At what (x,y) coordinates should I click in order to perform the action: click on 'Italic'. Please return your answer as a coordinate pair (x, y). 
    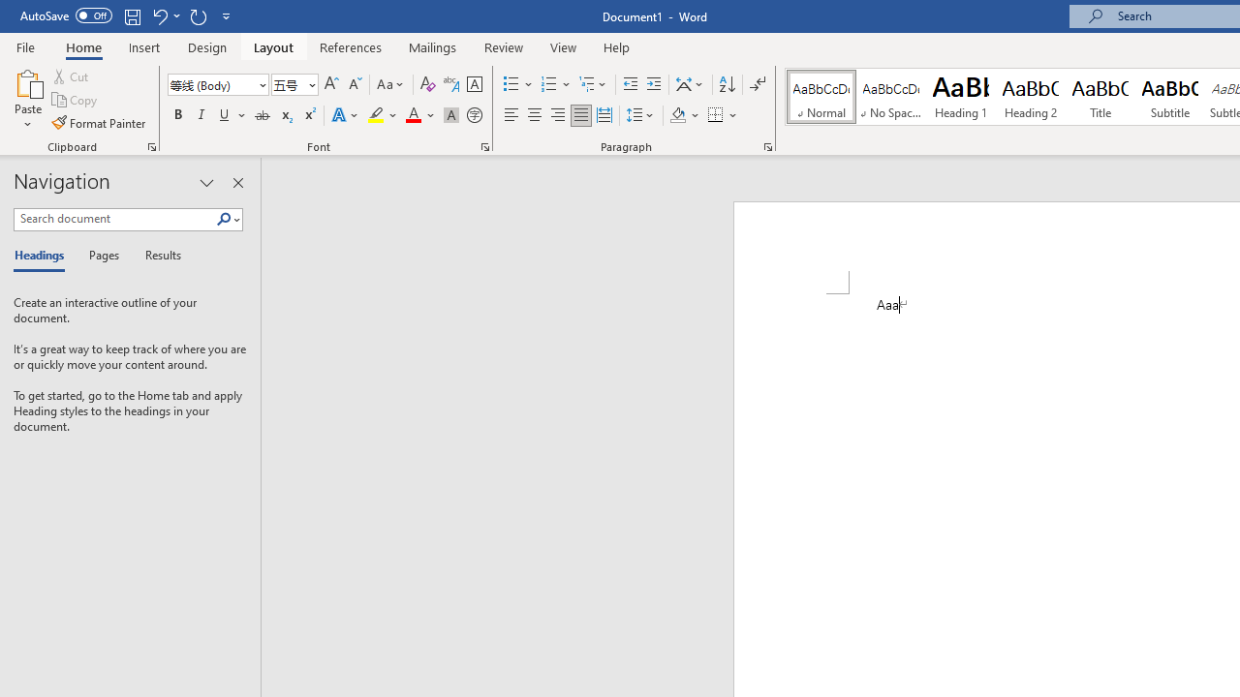
    Looking at the image, I should click on (201, 115).